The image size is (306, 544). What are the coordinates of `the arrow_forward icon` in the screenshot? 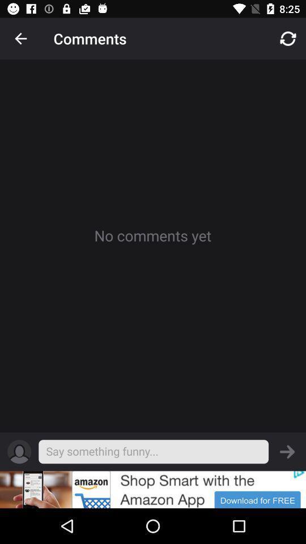 It's located at (287, 452).